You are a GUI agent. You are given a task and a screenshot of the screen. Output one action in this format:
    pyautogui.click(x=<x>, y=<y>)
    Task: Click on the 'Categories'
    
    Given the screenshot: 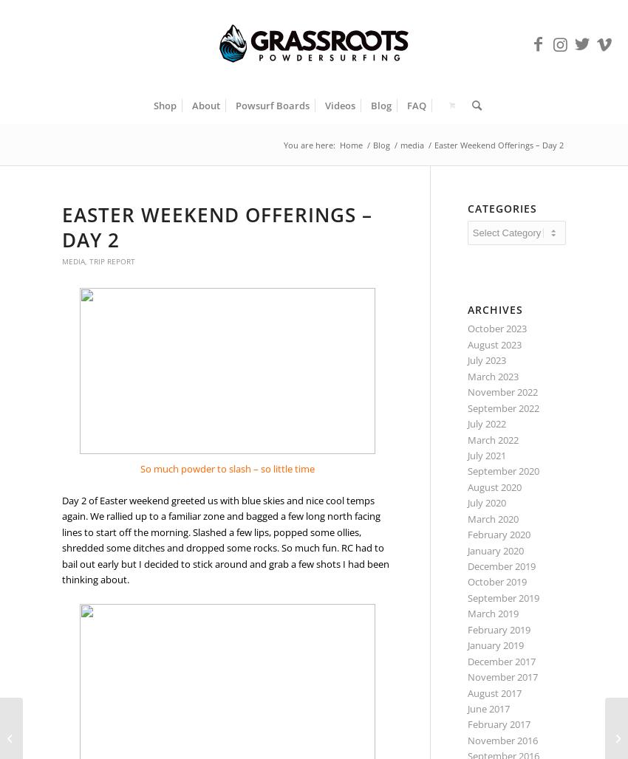 What is the action you would take?
    pyautogui.click(x=501, y=208)
    